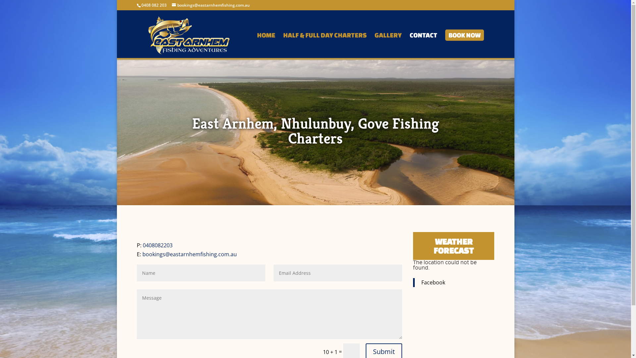 The width and height of the screenshot is (636, 358). Describe the element at coordinates (210, 5) in the screenshot. I see `'bookings@eastarnhemfishing.com.au'` at that location.